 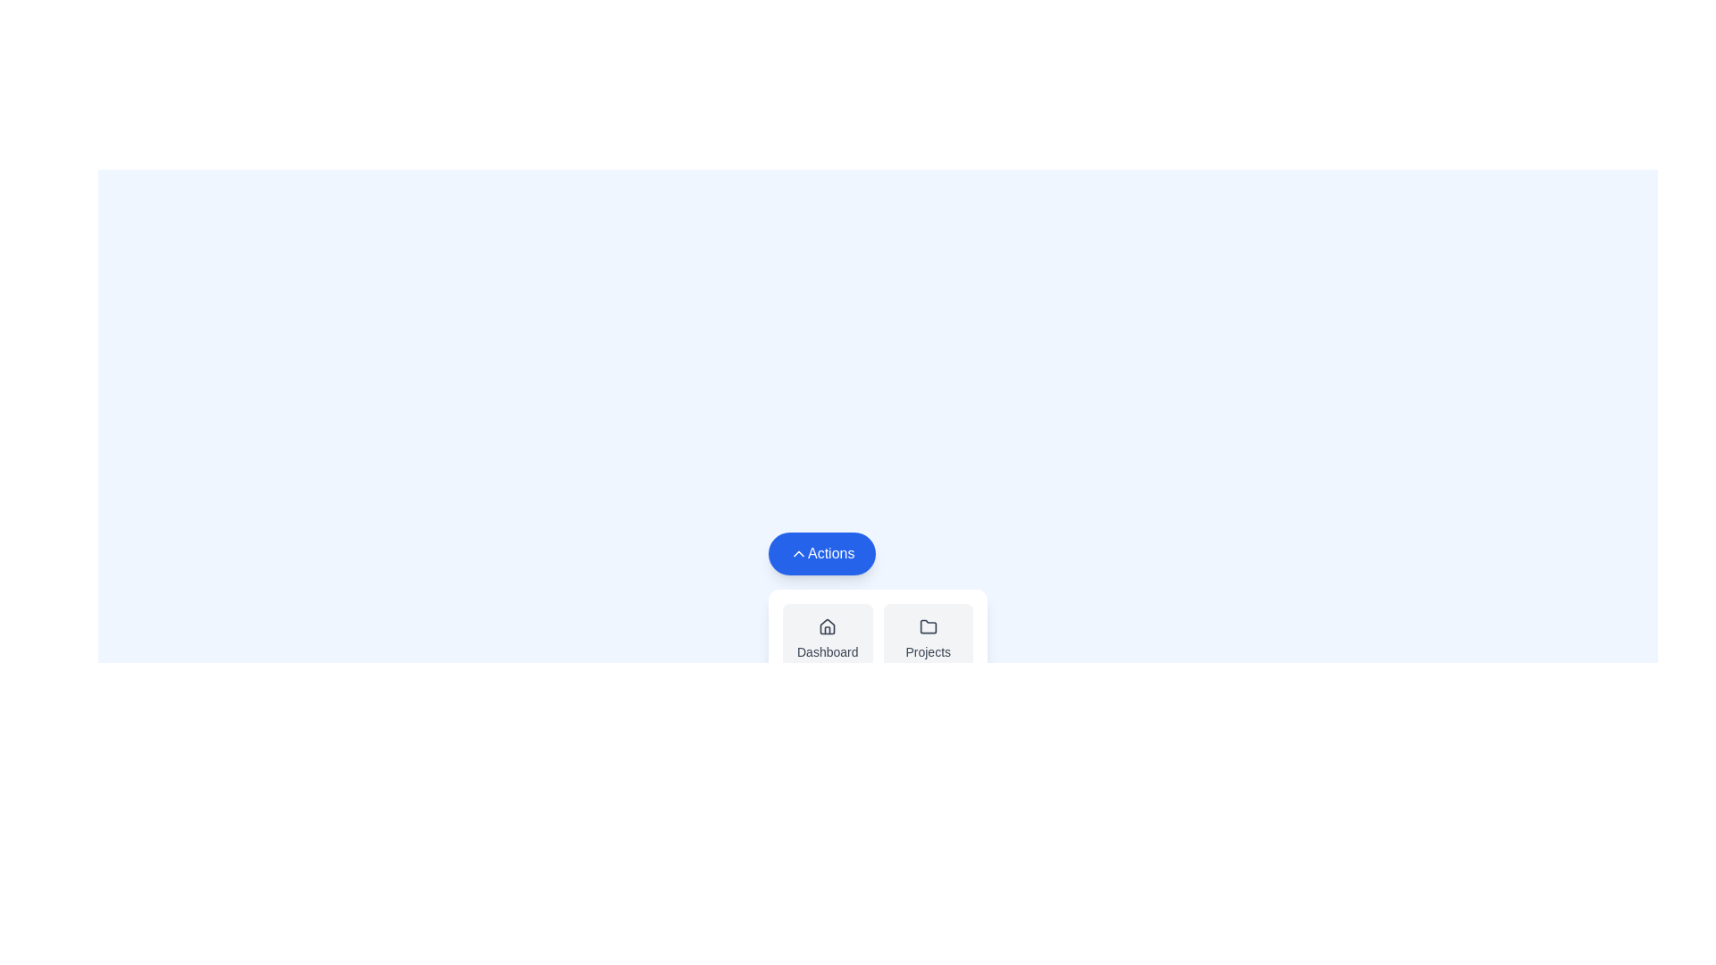 I want to click on the Projects from the menu, so click(x=928, y=639).